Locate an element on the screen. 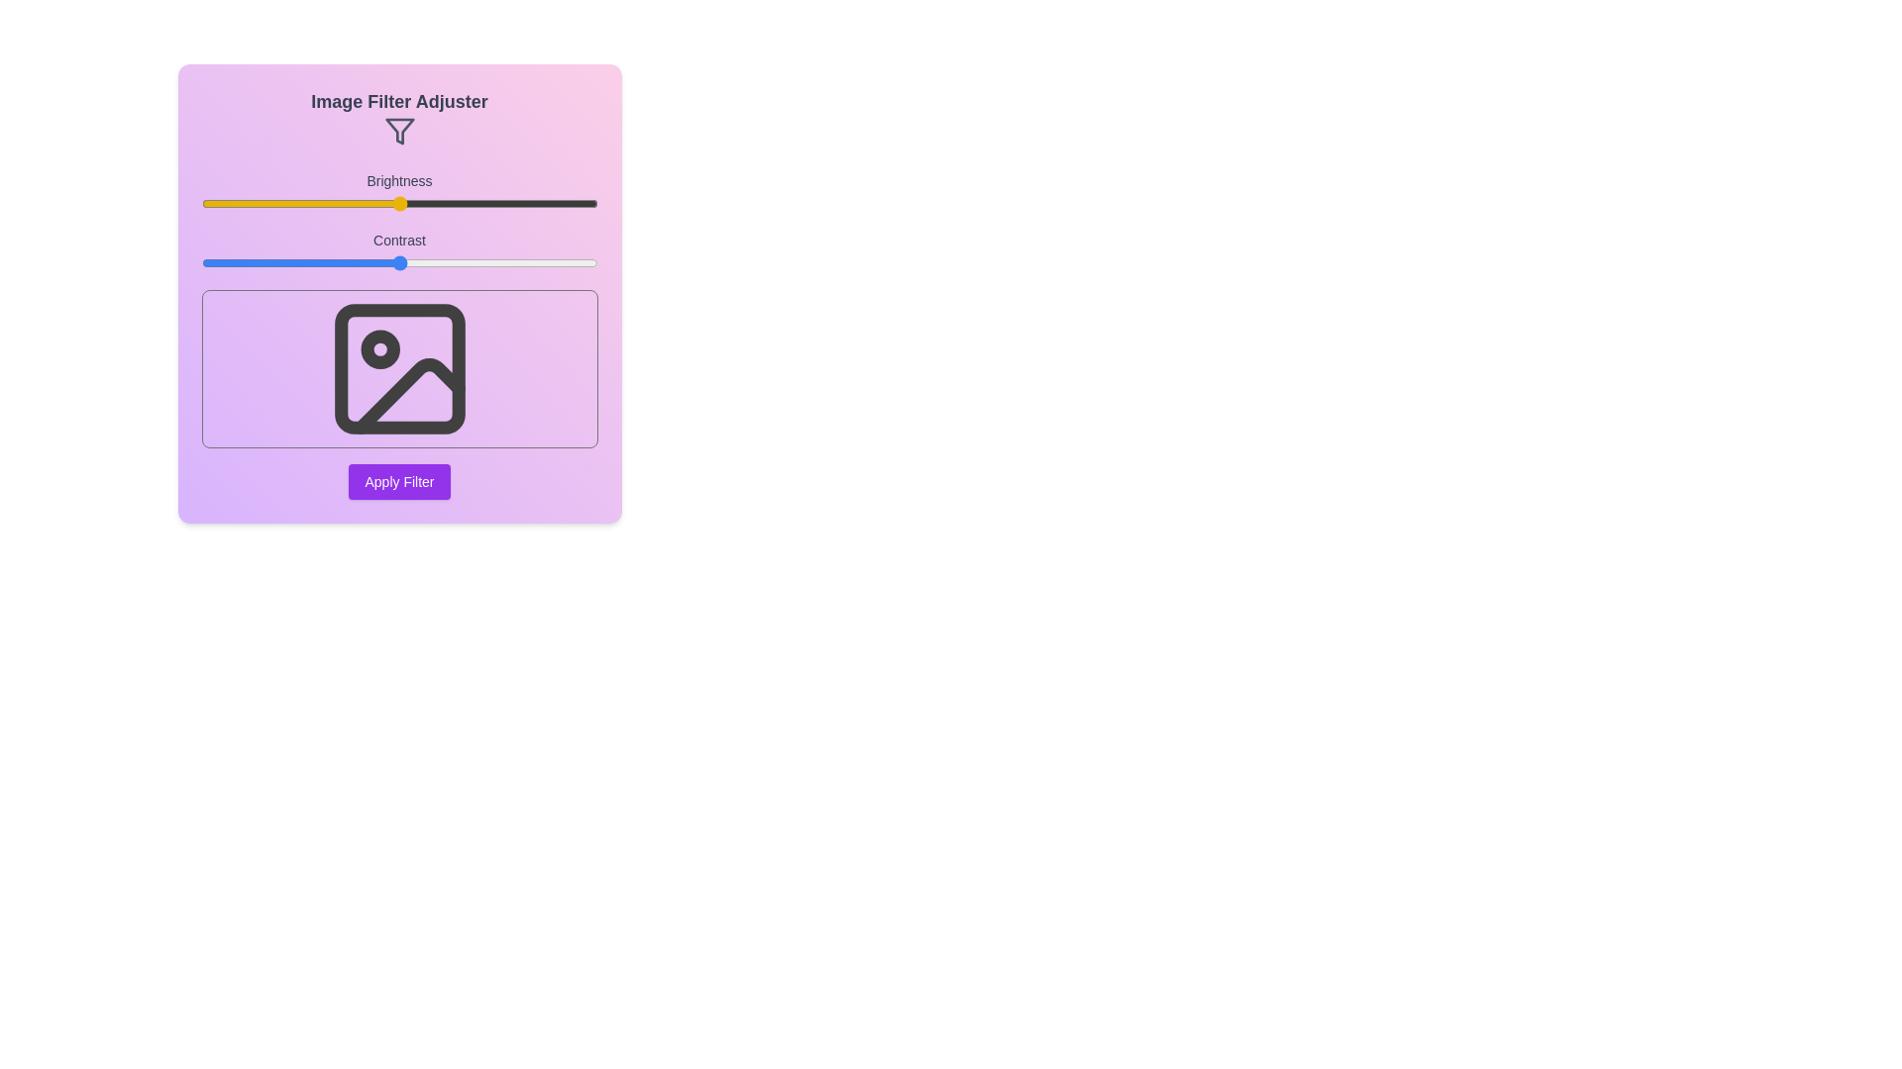 The image size is (1902, 1069). the contrast slider to 38% is located at coordinates (352, 262).